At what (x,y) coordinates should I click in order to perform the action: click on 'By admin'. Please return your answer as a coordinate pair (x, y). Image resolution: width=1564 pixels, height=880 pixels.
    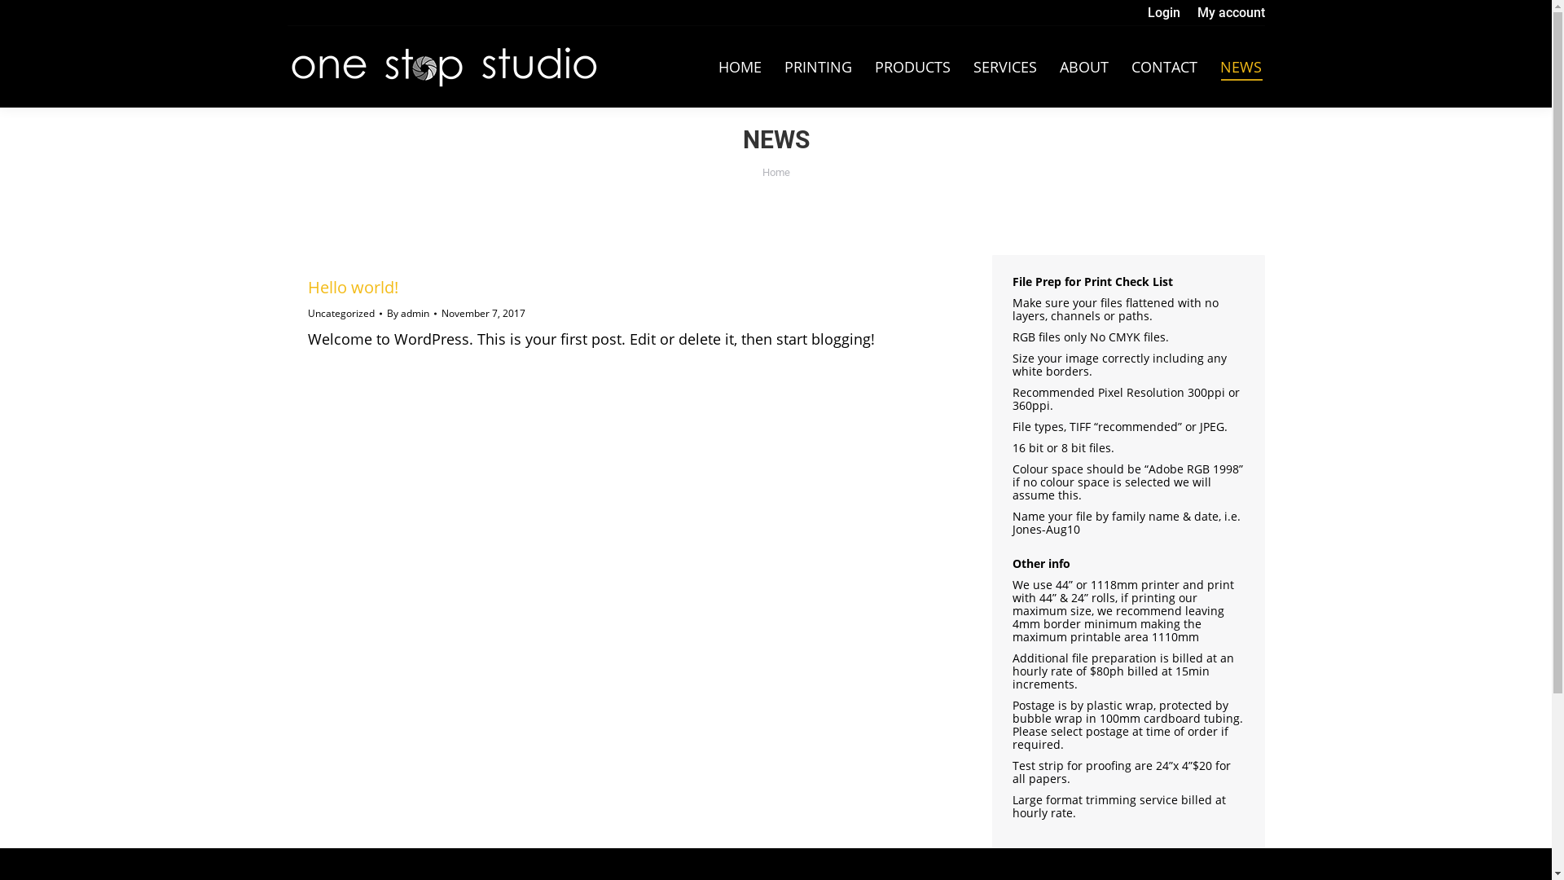
    Looking at the image, I should click on (411, 314).